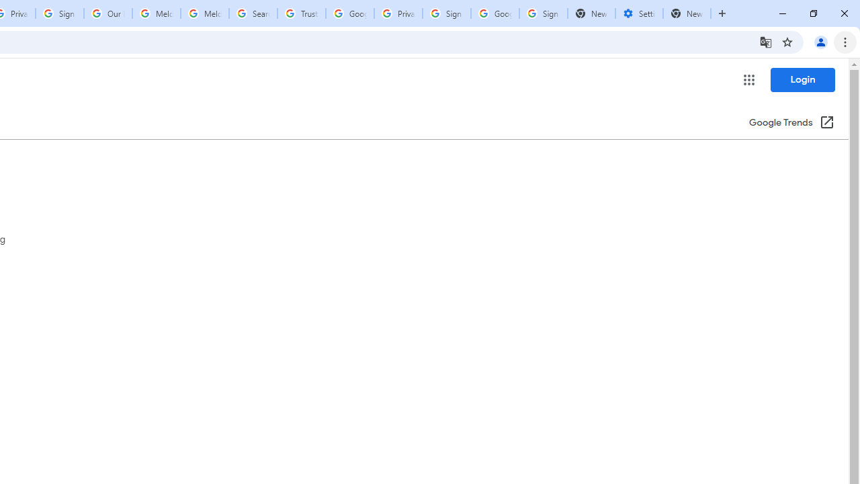 The image size is (860, 484). What do you see at coordinates (765, 41) in the screenshot?
I see `'Translate this page'` at bounding box center [765, 41].